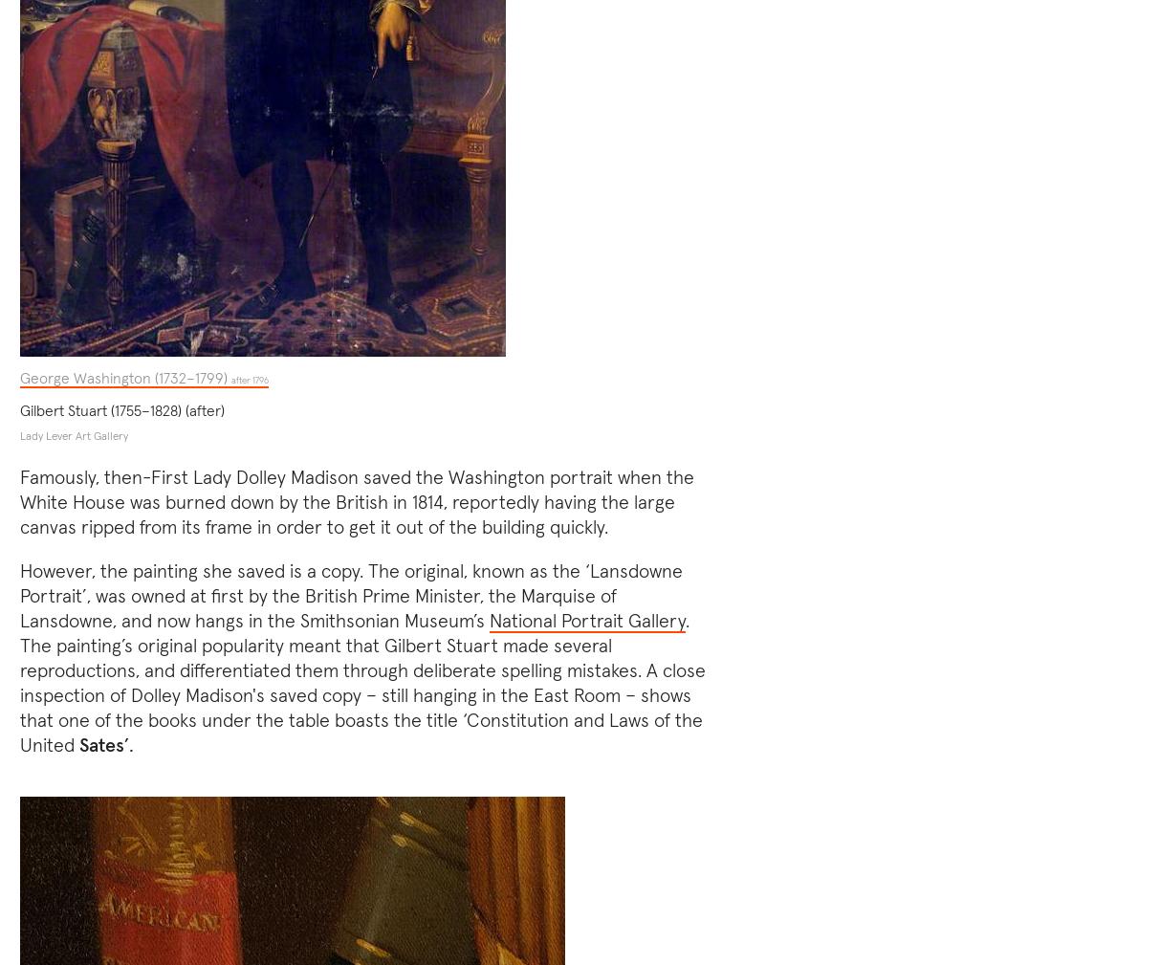  What do you see at coordinates (897, 152) in the screenshot?
I see `'Meghan, Harry and weddings in art'` at bounding box center [897, 152].